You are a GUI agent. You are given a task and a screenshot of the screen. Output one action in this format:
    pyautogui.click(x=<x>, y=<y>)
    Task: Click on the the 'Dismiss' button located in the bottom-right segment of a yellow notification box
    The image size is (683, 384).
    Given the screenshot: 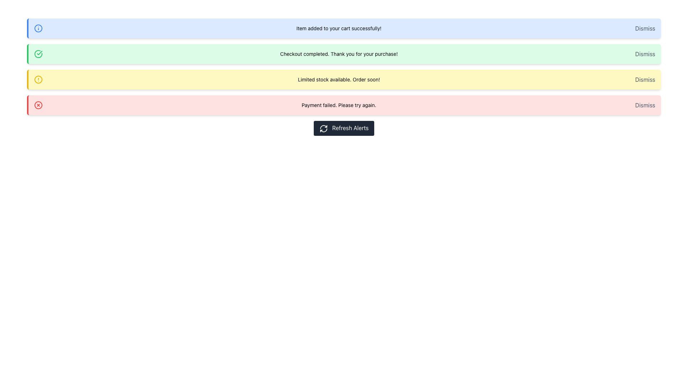 What is the action you would take?
    pyautogui.click(x=645, y=79)
    